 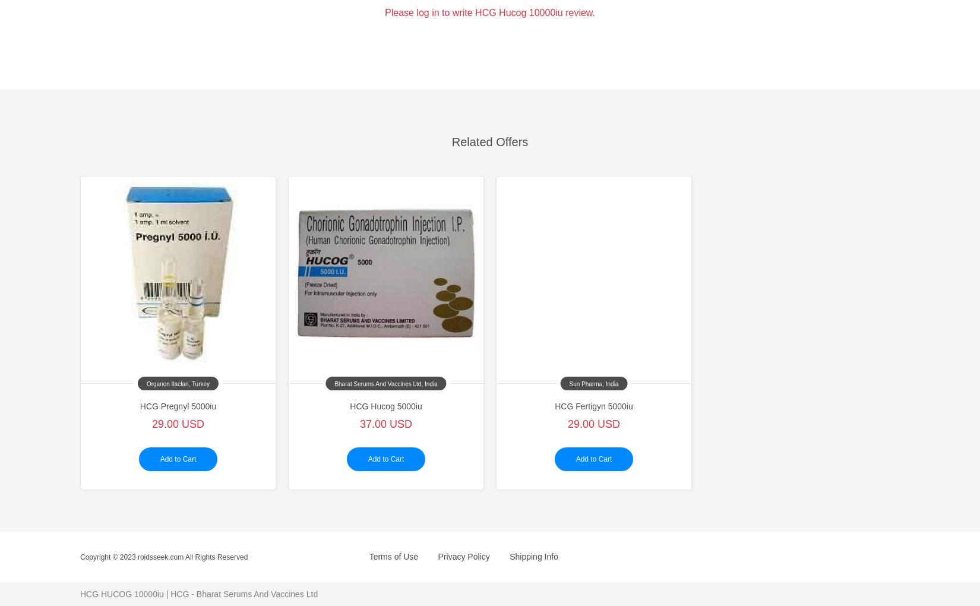 I want to click on 'Shipping Info', so click(x=533, y=555).